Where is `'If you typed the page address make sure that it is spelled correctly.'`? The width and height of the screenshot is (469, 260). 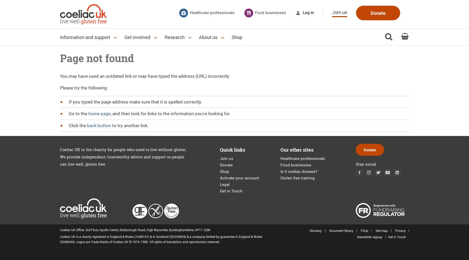 'If you typed the page address make sure that it is spelled correctly.' is located at coordinates (135, 101).